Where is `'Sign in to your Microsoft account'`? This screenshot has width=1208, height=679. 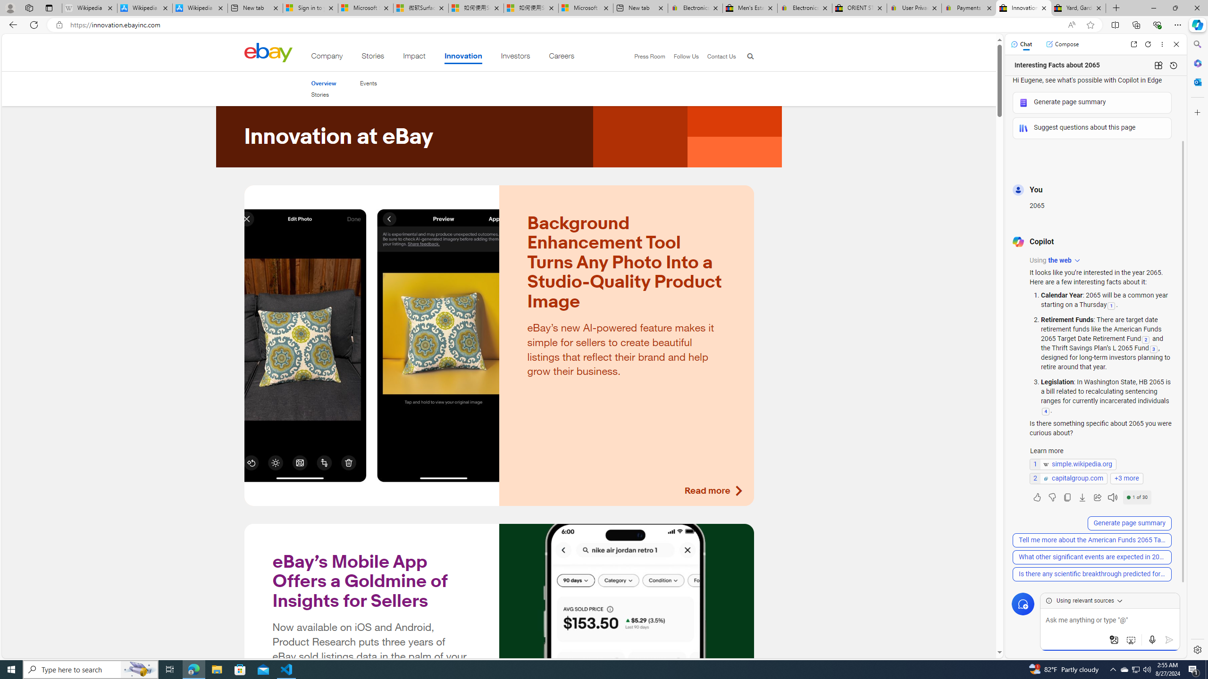 'Sign in to your Microsoft account' is located at coordinates (310, 8).